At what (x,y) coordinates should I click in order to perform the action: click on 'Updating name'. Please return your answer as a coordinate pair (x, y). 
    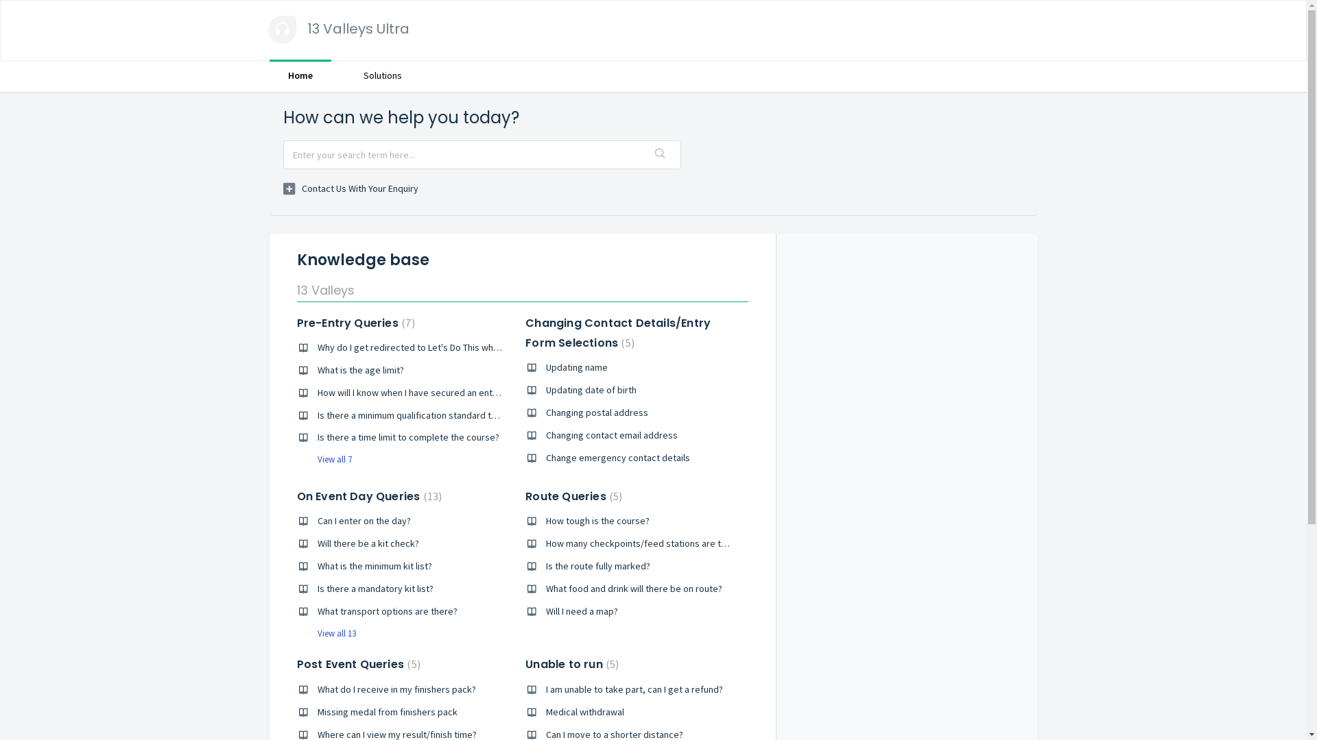
    Looking at the image, I should click on (576, 367).